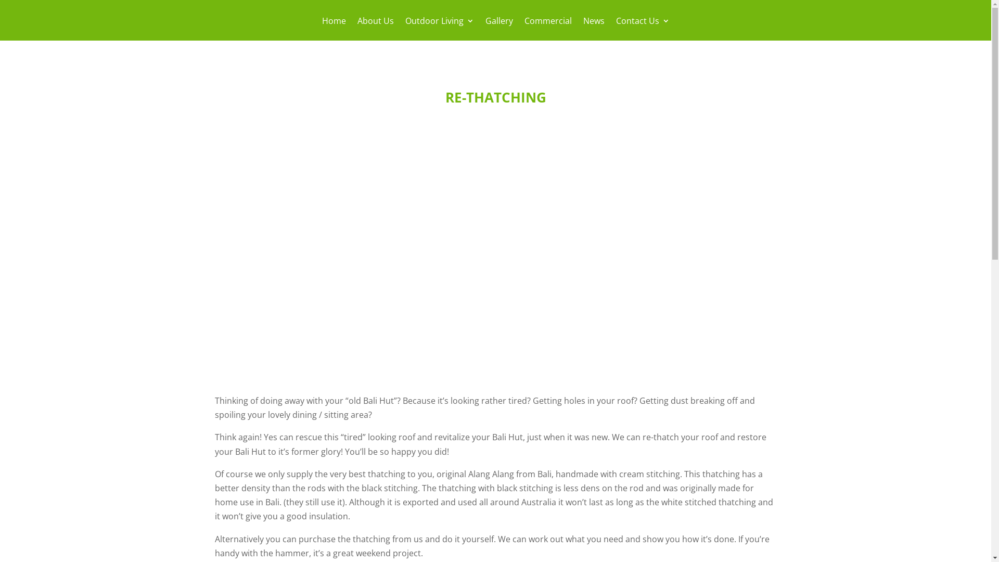 The image size is (999, 562). Describe the element at coordinates (642, 28) in the screenshot. I see `'Contact Us'` at that location.